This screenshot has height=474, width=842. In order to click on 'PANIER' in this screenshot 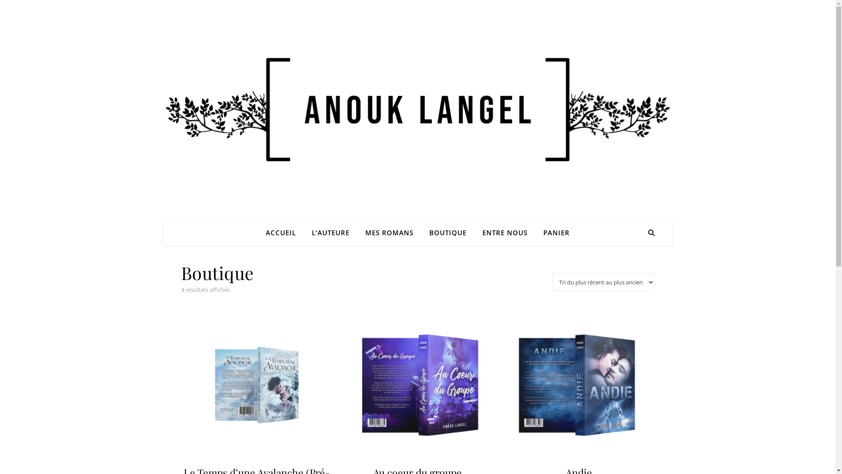, I will do `click(553, 232)`.